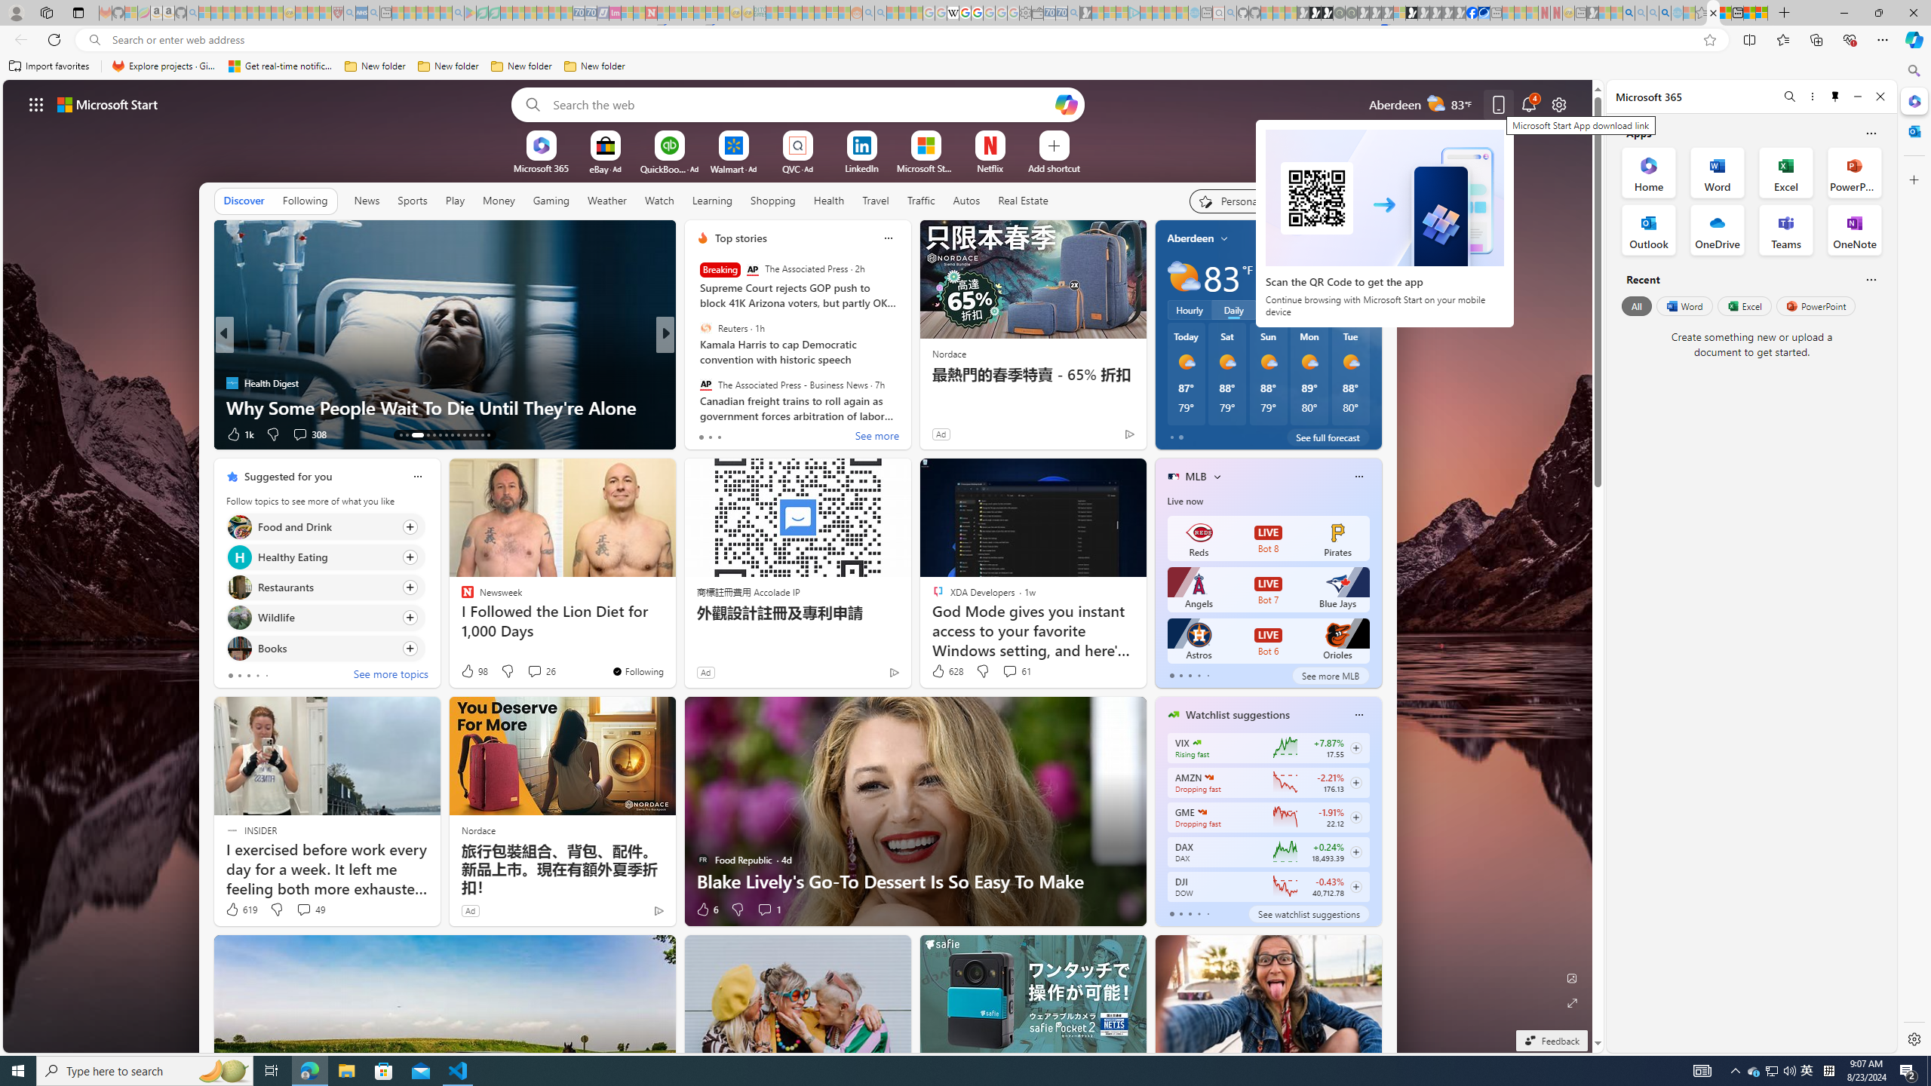 This screenshot has width=1931, height=1086. I want to click on 'AutomationID: tab-19', so click(446, 435).